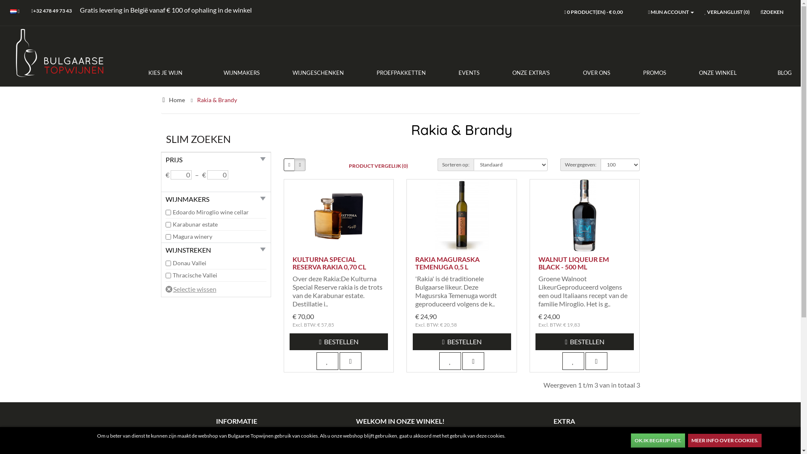 The height and width of the screenshot is (454, 807). What do you see at coordinates (13, 11) in the screenshot?
I see `'Nederlands'` at bounding box center [13, 11].